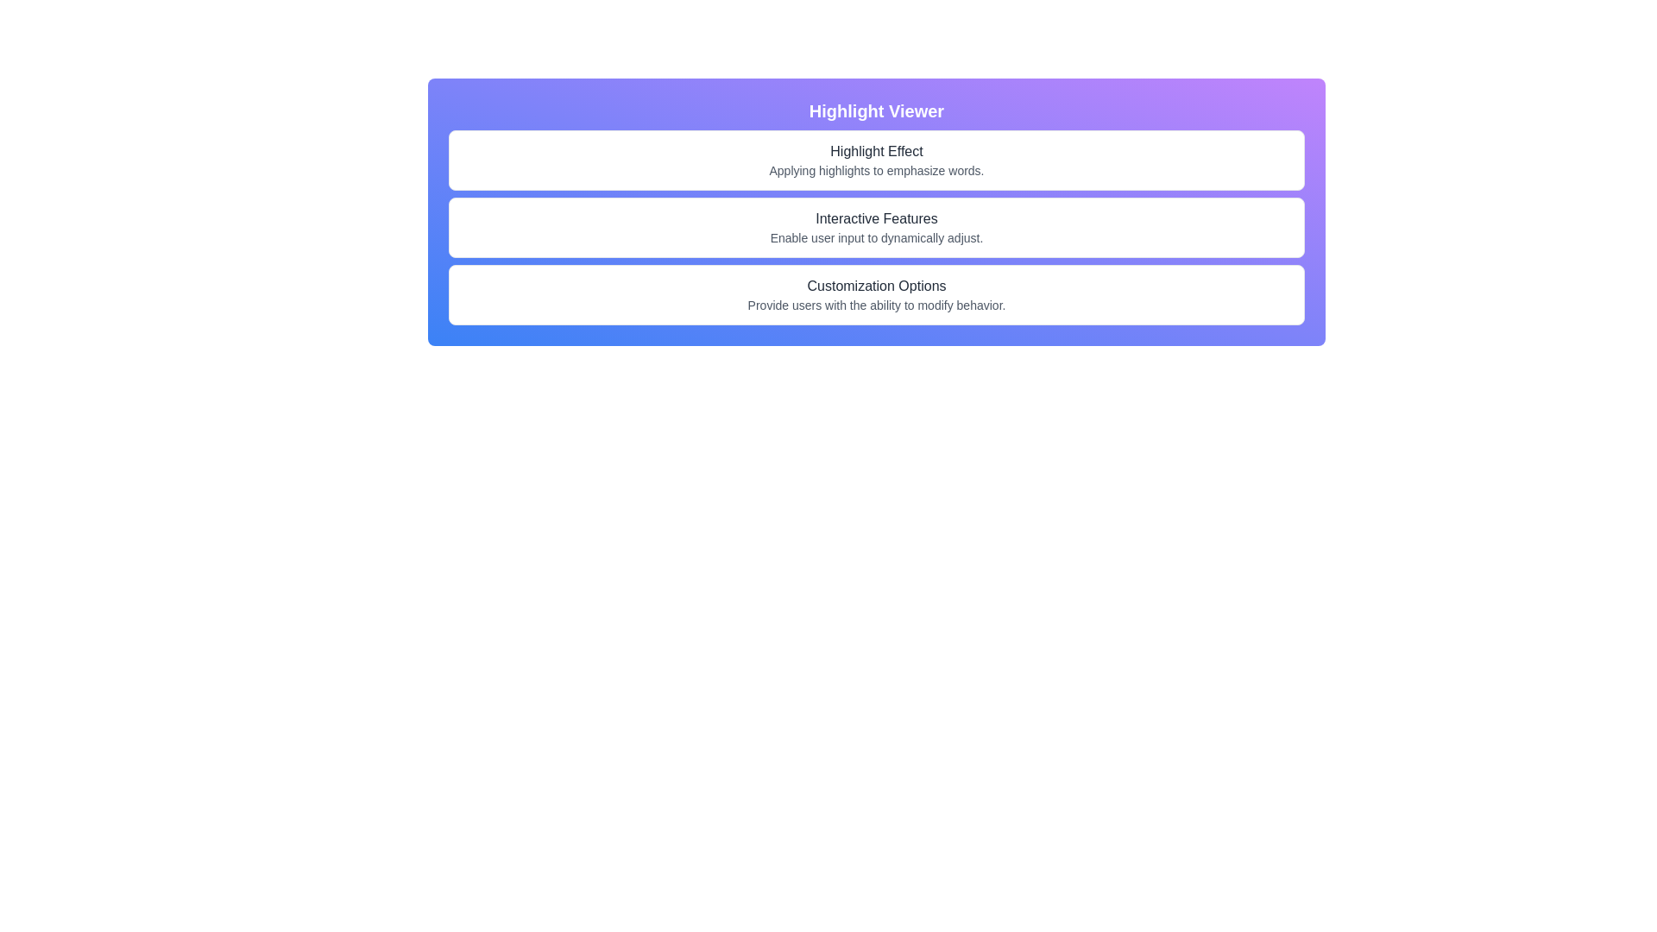  Describe the element at coordinates (877, 238) in the screenshot. I see `the text element that reads 'Enable user input to dynamically adjust.' which is styled in a smaller gray font and positioned below the bold header 'Interactive Features.'` at that location.